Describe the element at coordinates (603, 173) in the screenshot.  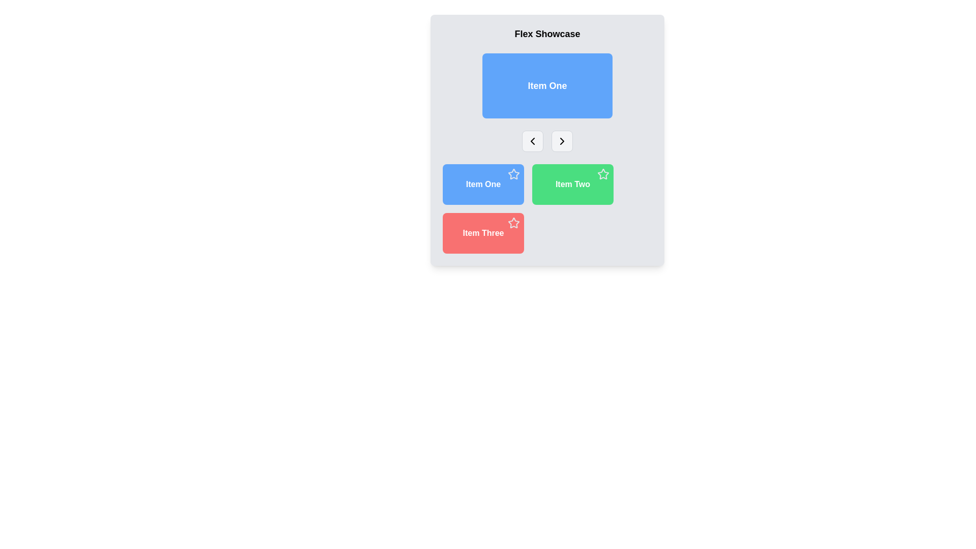
I see `the star icon outline located within the green rectangular button labeled 'Item Two'` at that location.